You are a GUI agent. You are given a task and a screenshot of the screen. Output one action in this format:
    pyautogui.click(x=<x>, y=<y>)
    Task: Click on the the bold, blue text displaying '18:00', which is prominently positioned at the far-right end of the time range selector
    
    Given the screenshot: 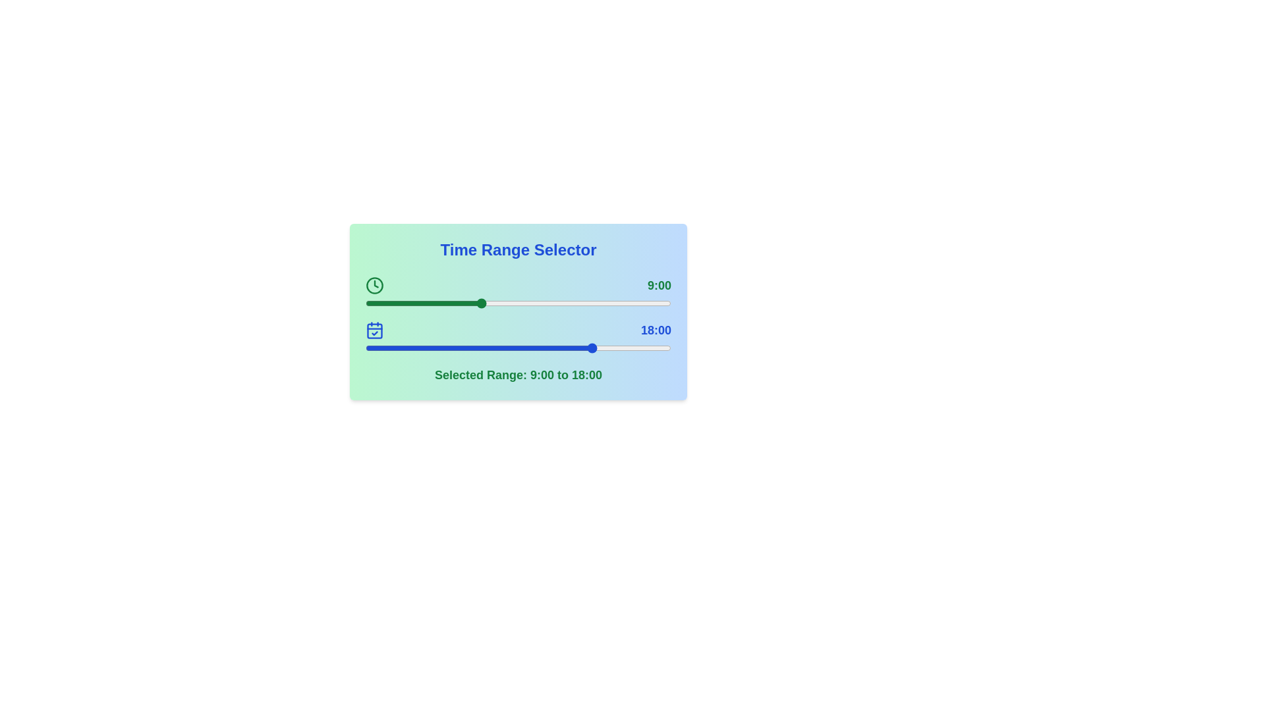 What is the action you would take?
    pyautogui.click(x=656, y=329)
    